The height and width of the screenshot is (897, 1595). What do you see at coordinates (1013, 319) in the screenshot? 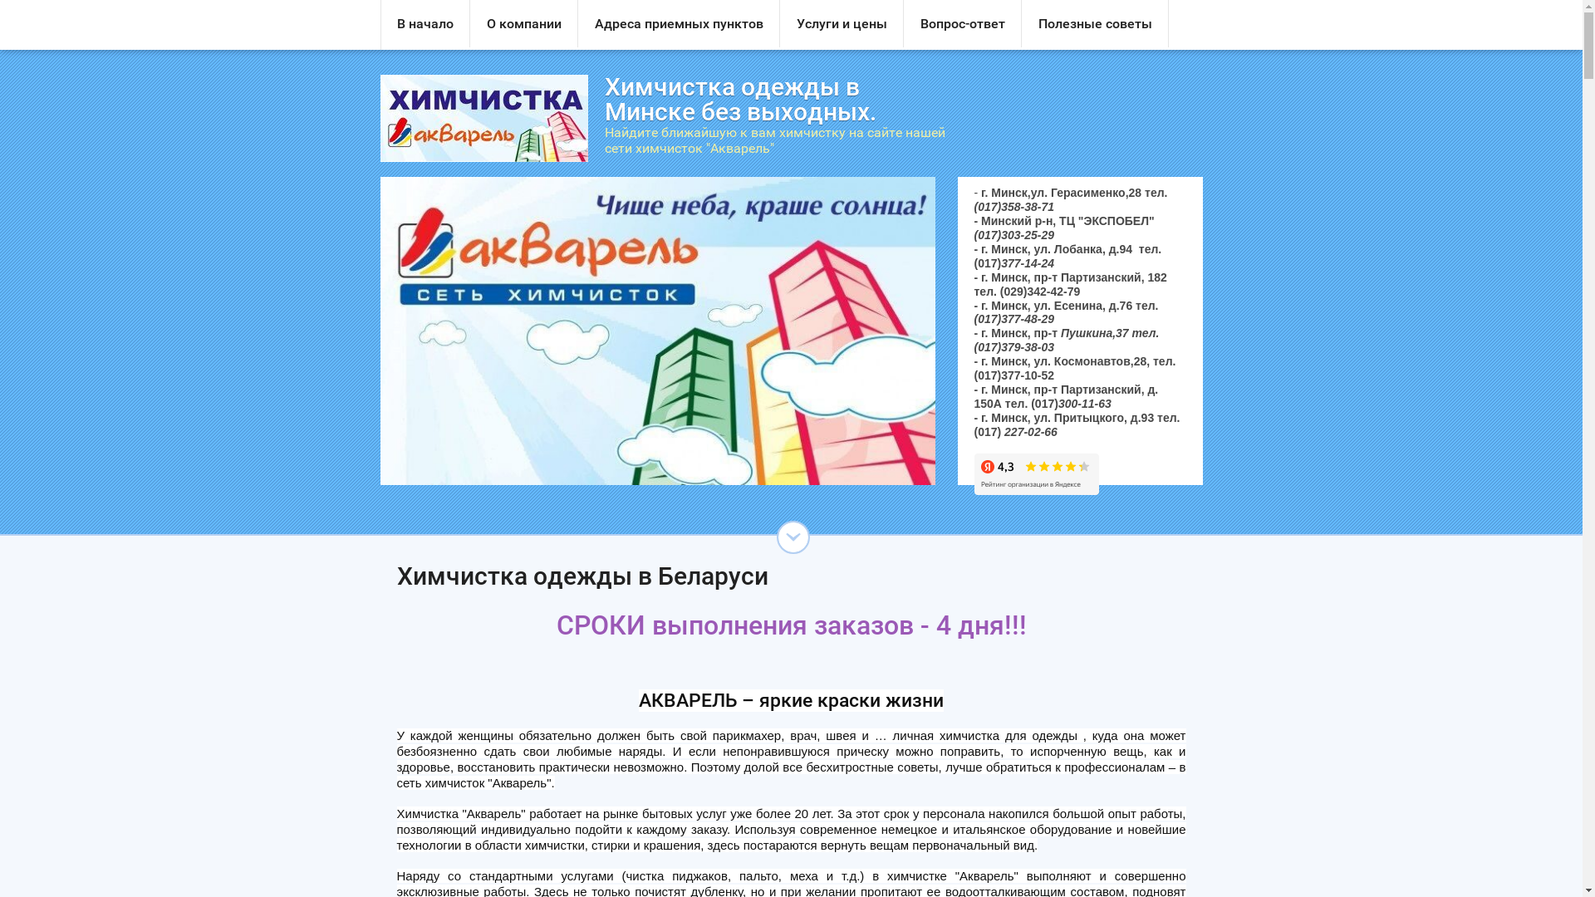
I see `'(017)377-48-29'` at bounding box center [1013, 319].